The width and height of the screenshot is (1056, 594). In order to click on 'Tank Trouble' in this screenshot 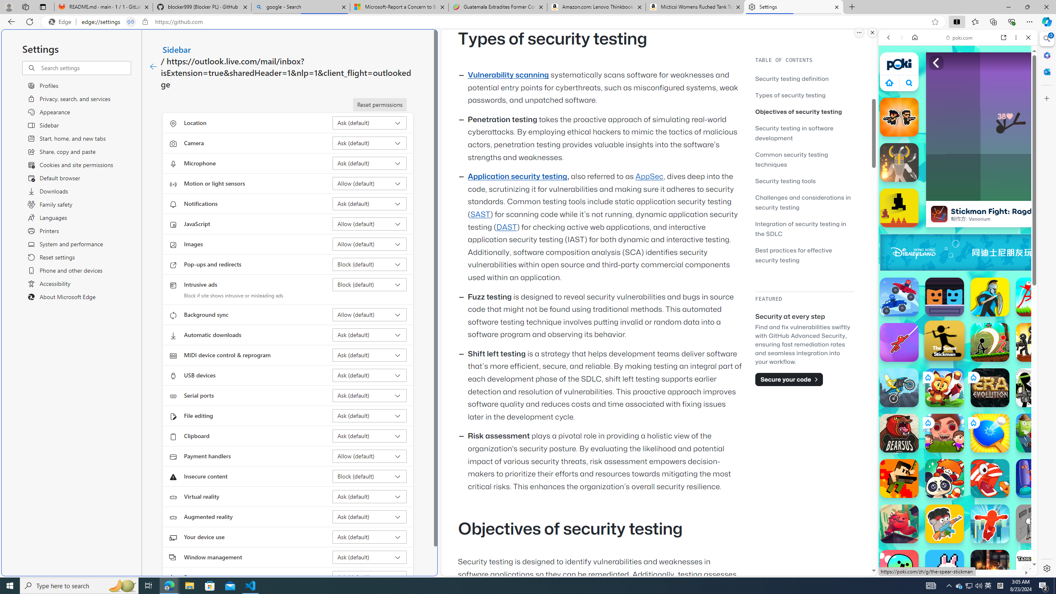, I will do `click(1035, 569)`.